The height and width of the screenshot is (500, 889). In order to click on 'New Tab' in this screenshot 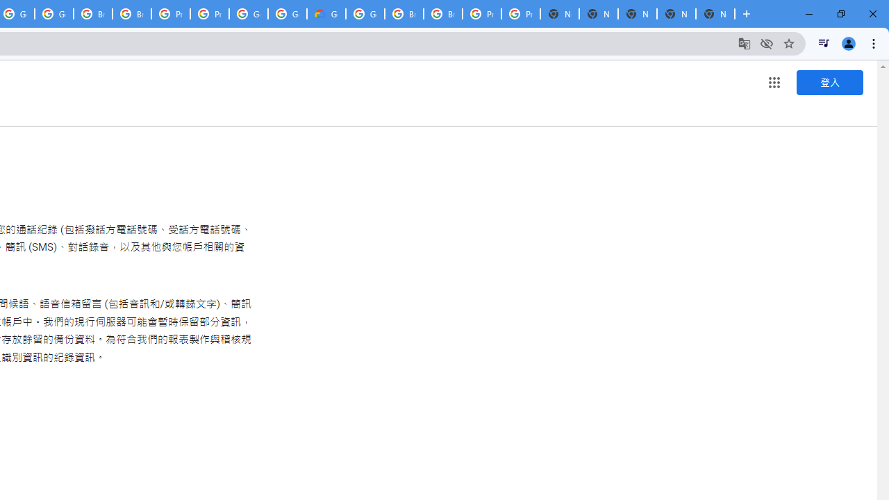, I will do `click(715, 14)`.